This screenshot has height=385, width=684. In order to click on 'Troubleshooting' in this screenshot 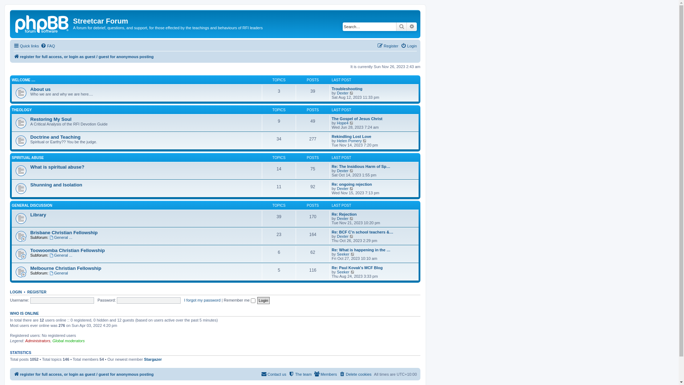, I will do `click(347, 88)`.